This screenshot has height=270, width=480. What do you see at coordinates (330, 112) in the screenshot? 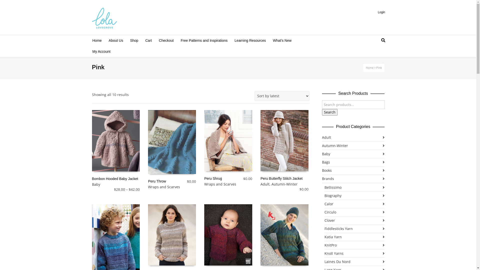
I see `'Search'` at bounding box center [330, 112].